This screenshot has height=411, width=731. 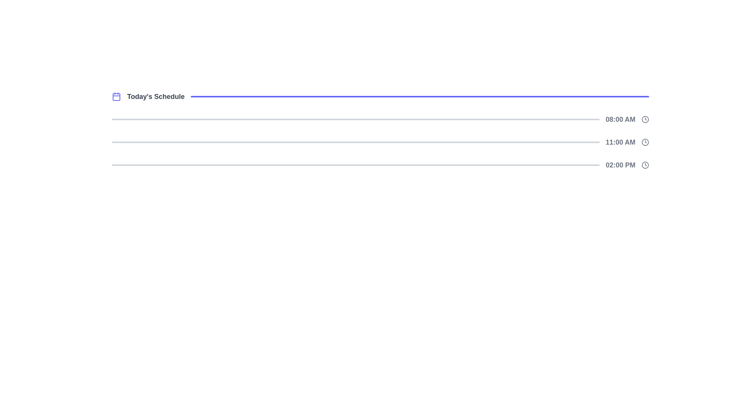 What do you see at coordinates (620, 165) in the screenshot?
I see `text from the Text Label displaying '02:00 PM', which is styled in light gray, large font, and bold, aligned to the right in a list` at bounding box center [620, 165].